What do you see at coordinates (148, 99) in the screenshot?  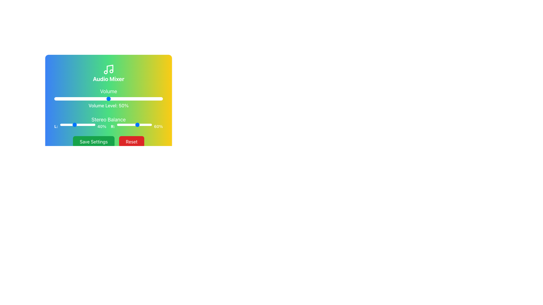 I see `the volume slider` at bounding box center [148, 99].